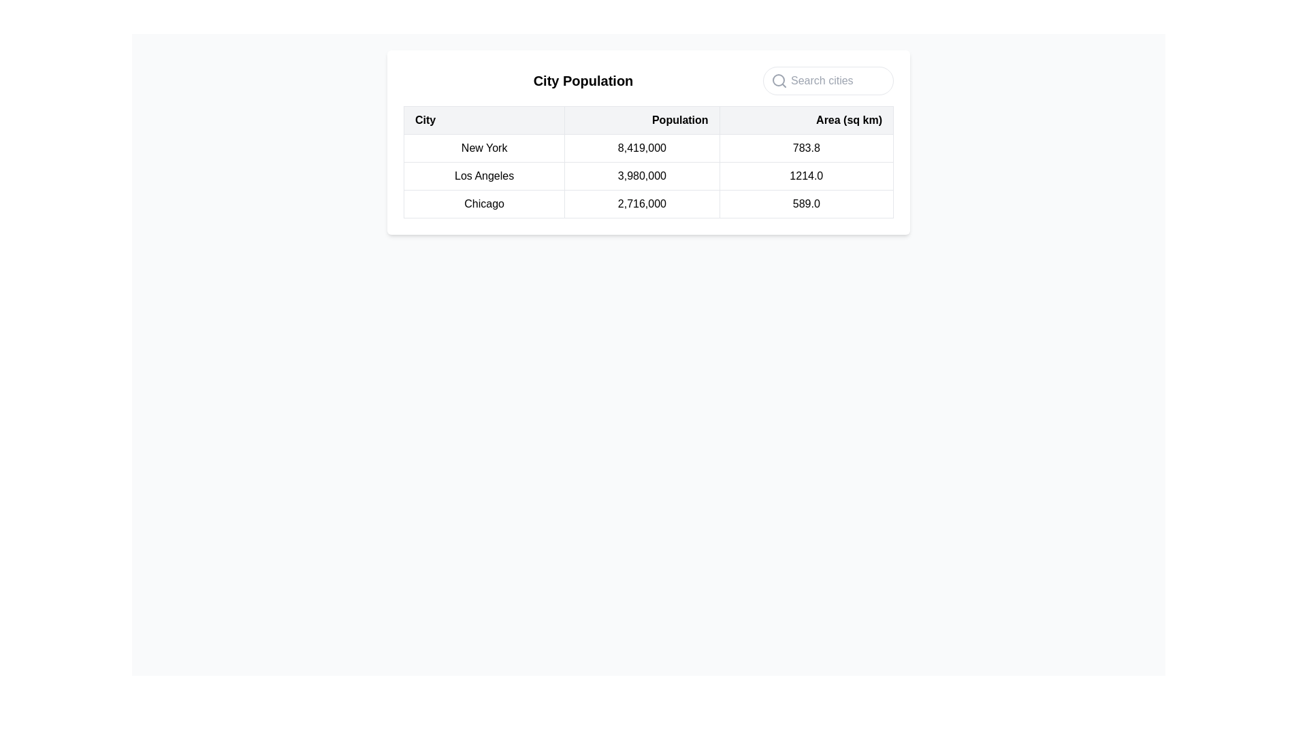 This screenshot has height=735, width=1307. Describe the element at coordinates (648, 175) in the screenshot. I see `the second row of the data table that presents information about Los Angeles` at that location.